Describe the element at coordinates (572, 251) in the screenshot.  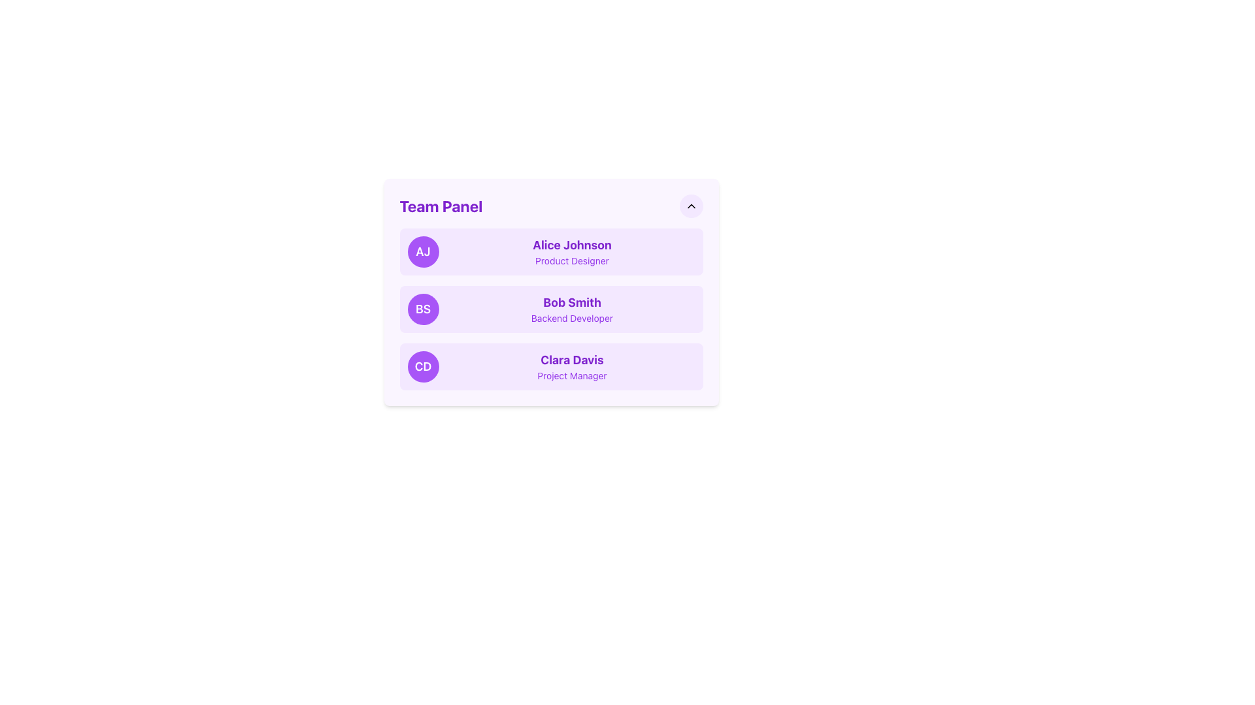
I see `the text display showing 'Alice Johnson' and 'Product Designer' to highlight it` at that location.